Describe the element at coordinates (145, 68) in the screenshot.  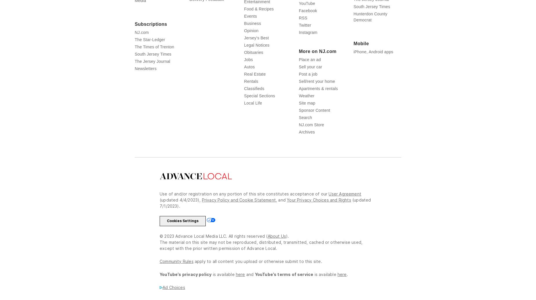
I see `'Newsletters'` at that location.